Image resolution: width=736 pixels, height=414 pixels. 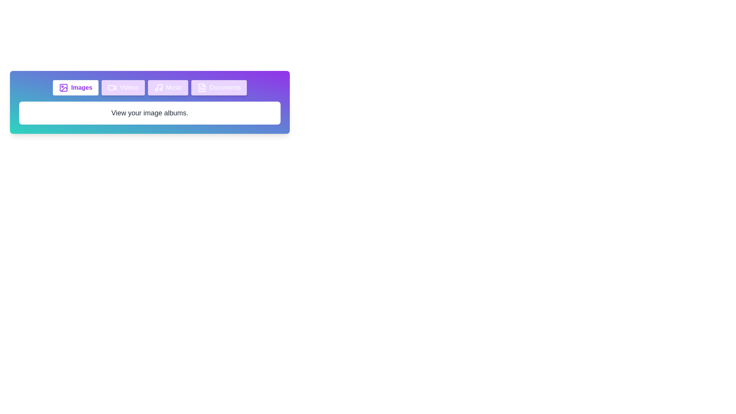 What do you see at coordinates (76, 87) in the screenshot?
I see `the tab labeled Images to inspect its icon and content` at bounding box center [76, 87].